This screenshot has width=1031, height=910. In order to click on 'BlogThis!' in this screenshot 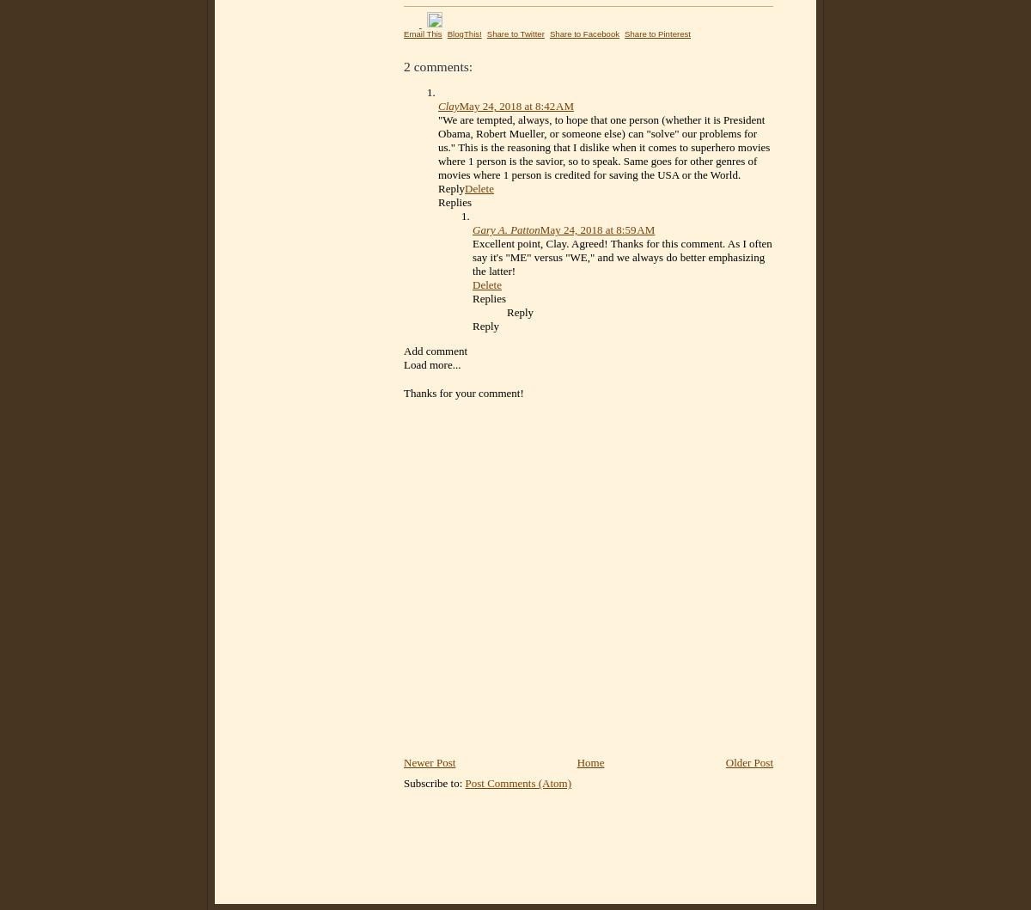, I will do `click(445, 34)`.